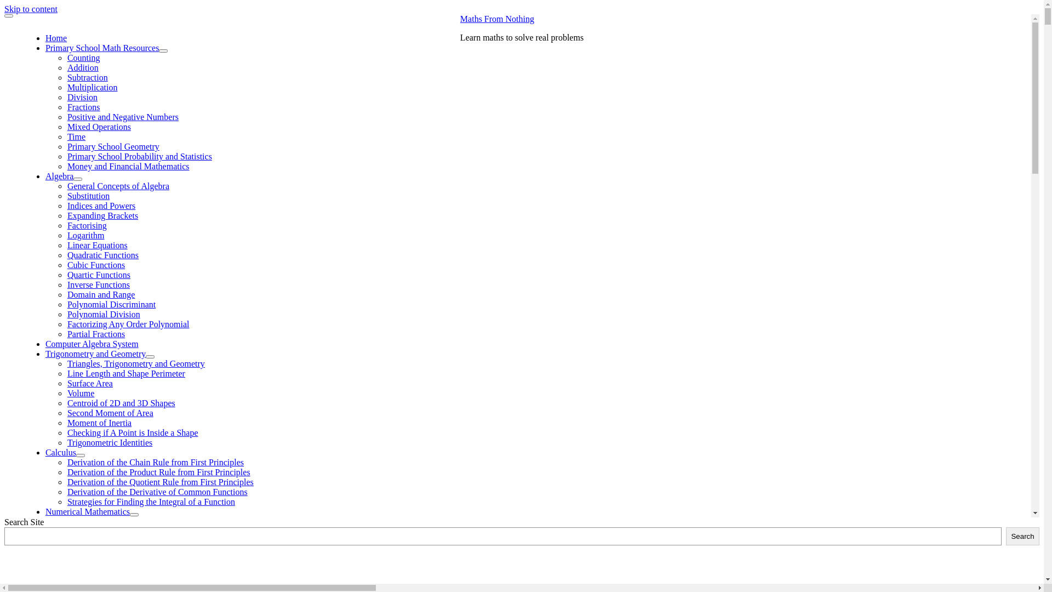  What do you see at coordinates (67, 274) in the screenshot?
I see `'Quartic Functions'` at bounding box center [67, 274].